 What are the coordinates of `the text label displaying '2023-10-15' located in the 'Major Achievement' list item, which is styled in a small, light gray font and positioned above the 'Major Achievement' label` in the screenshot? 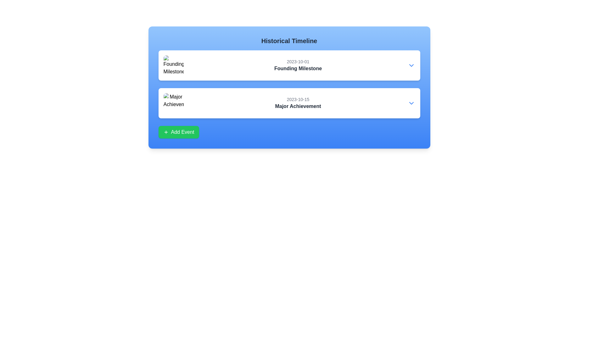 It's located at (298, 99).